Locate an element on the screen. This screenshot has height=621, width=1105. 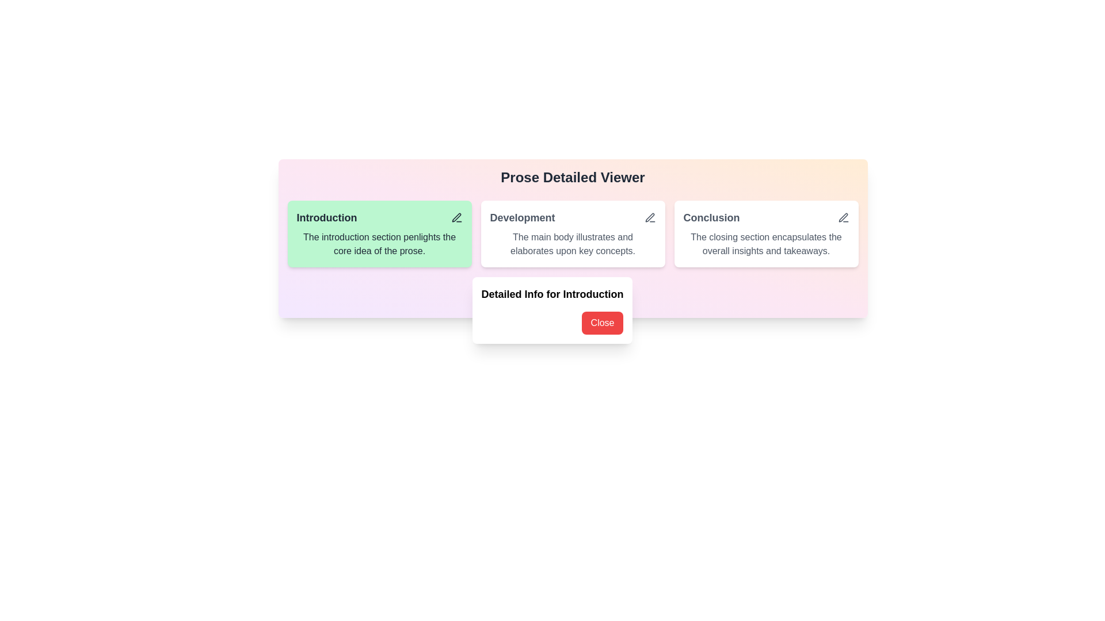
the button located at the bottom-right corner of the white rectangular pop-up titled 'Detailed Info for Introduction' is located at coordinates (601, 323).